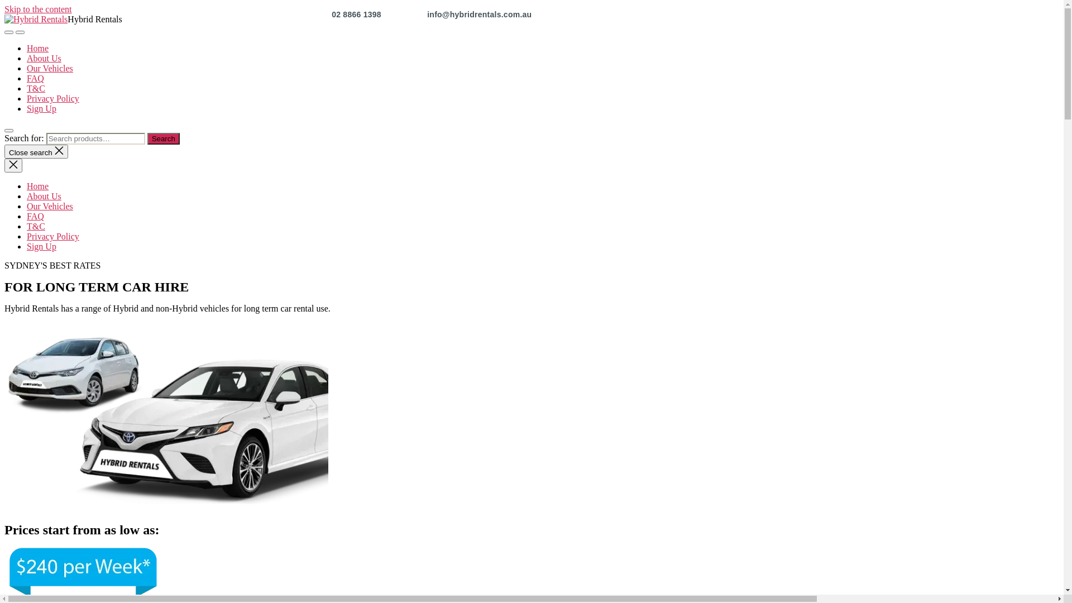 The height and width of the screenshot is (603, 1072). Describe the element at coordinates (36, 226) in the screenshot. I see `'T&C'` at that location.